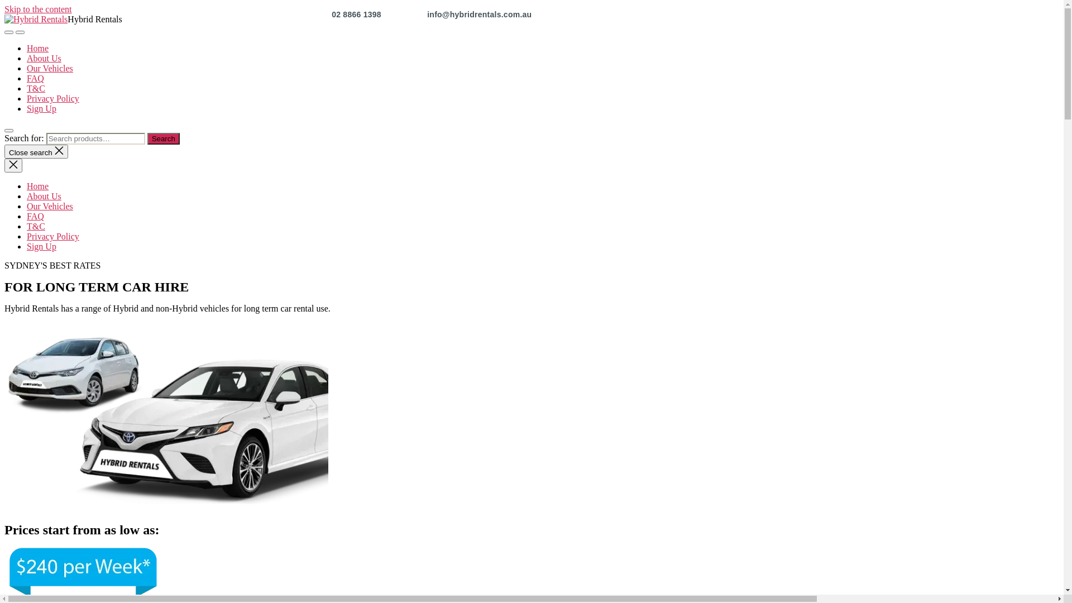 The height and width of the screenshot is (603, 1072). Describe the element at coordinates (36, 226) in the screenshot. I see `'T&C'` at that location.